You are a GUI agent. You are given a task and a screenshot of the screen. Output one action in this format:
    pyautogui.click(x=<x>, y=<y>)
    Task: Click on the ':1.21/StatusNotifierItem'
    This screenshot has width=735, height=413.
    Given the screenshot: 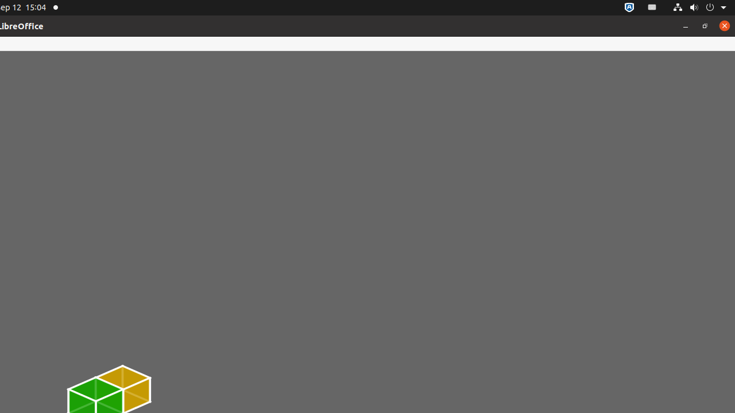 What is the action you would take?
    pyautogui.click(x=652, y=7)
    